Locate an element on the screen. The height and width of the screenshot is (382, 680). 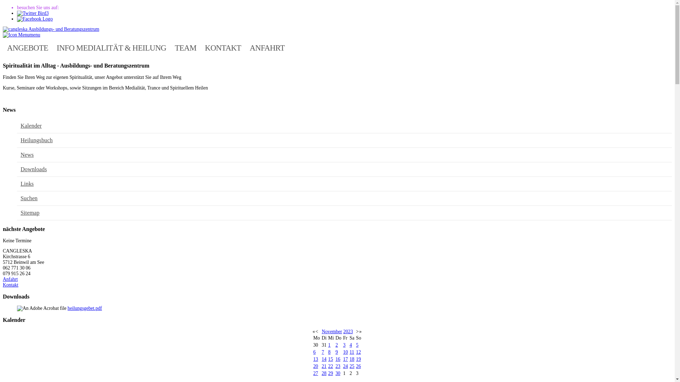
'TEAM' is located at coordinates (185, 47).